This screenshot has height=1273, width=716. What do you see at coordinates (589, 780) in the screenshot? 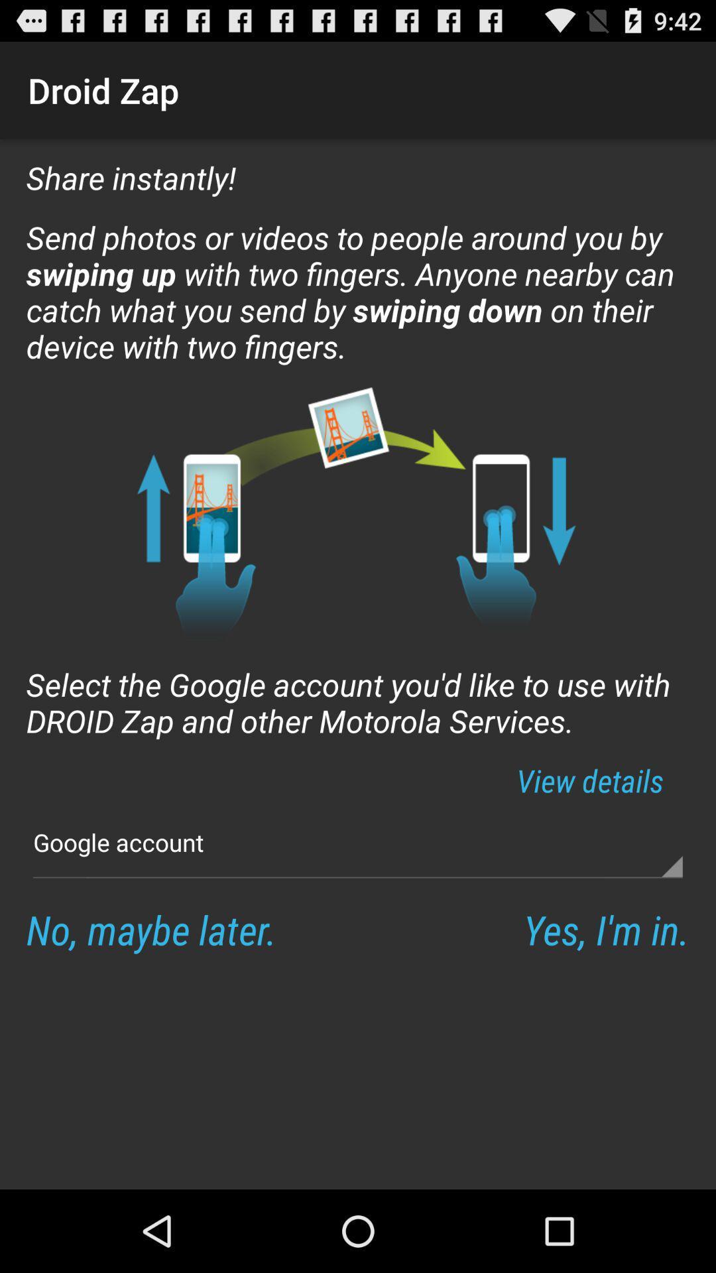
I see `app on the right` at bounding box center [589, 780].